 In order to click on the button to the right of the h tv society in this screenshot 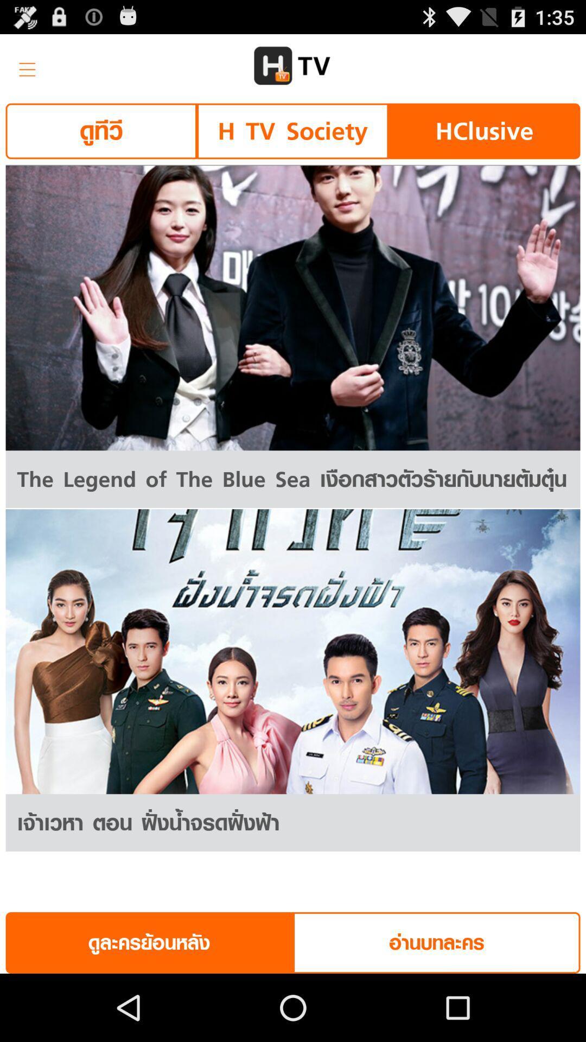, I will do `click(483, 130)`.